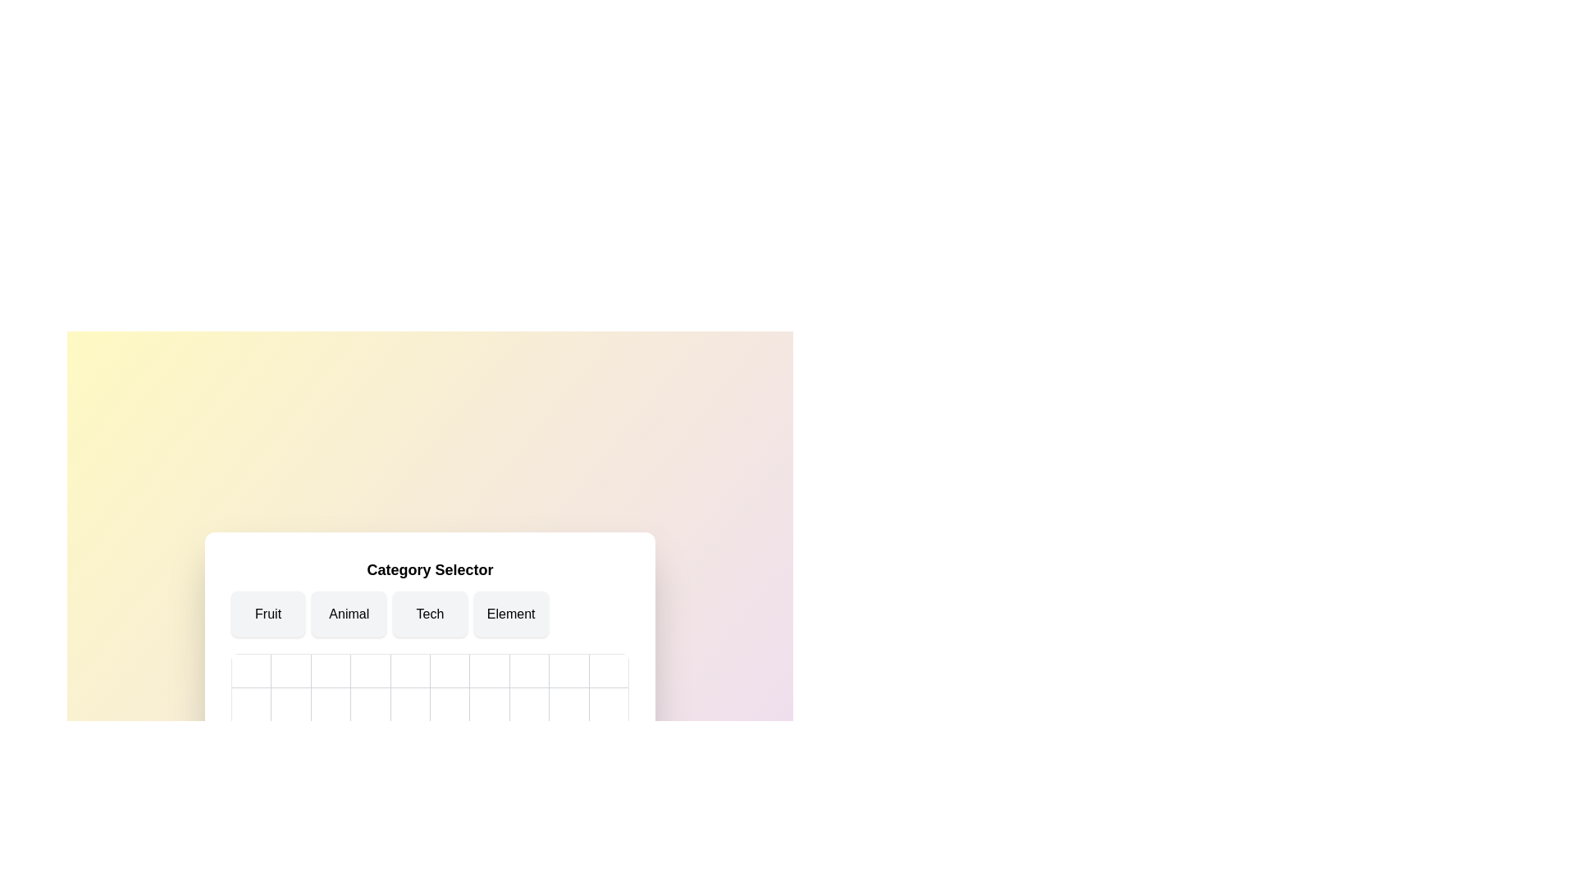 Image resolution: width=1575 pixels, height=886 pixels. Describe the element at coordinates (429, 614) in the screenshot. I see `the category Tech to select it` at that location.